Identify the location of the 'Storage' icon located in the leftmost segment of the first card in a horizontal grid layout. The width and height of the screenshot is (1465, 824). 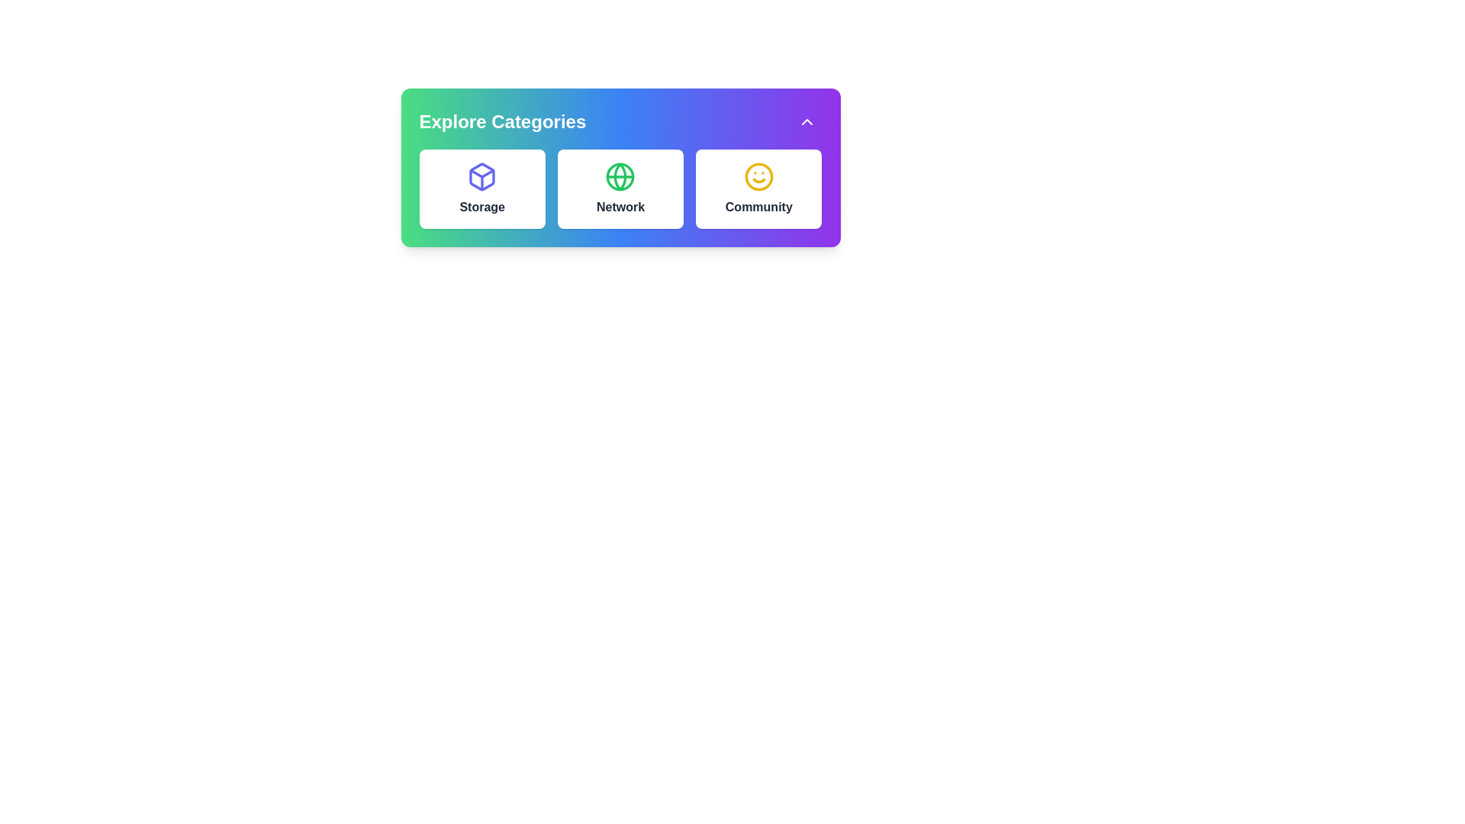
(481, 175).